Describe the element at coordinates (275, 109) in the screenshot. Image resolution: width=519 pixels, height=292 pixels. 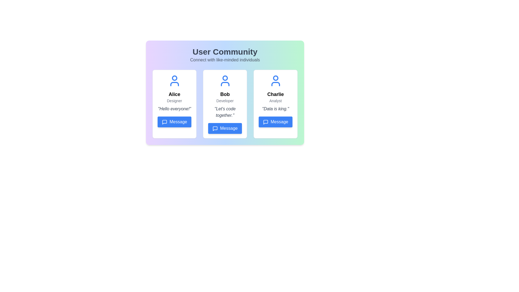
I see `personalized quote displayed under the 'Analyst' label in Charlie's user card, located in the third column of three cards` at that location.